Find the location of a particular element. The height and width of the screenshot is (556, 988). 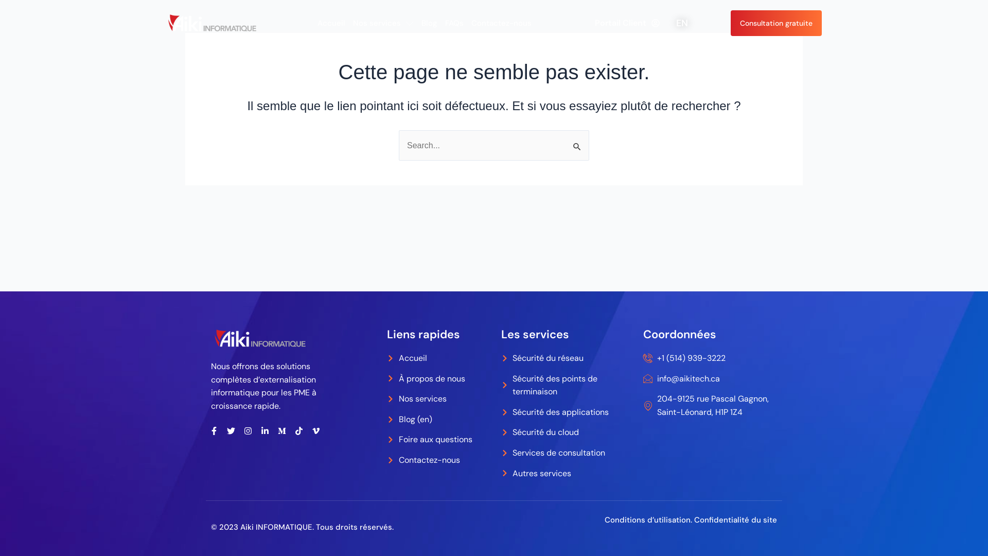

'Facebook-f' is located at coordinates (214, 431).